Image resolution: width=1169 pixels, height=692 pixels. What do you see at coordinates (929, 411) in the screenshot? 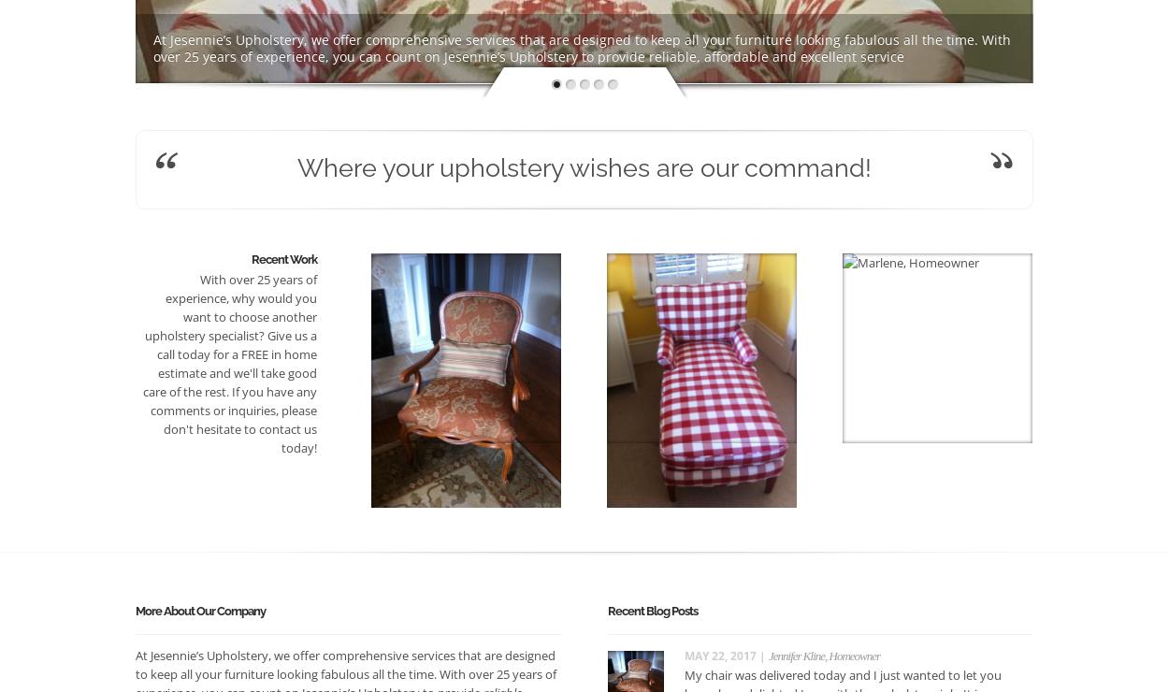
I see `'We love it! Thank you for taking on a difficult...'` at bounding box center [929, 411].